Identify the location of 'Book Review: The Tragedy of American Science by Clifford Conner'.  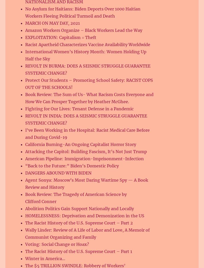
(76, 198).